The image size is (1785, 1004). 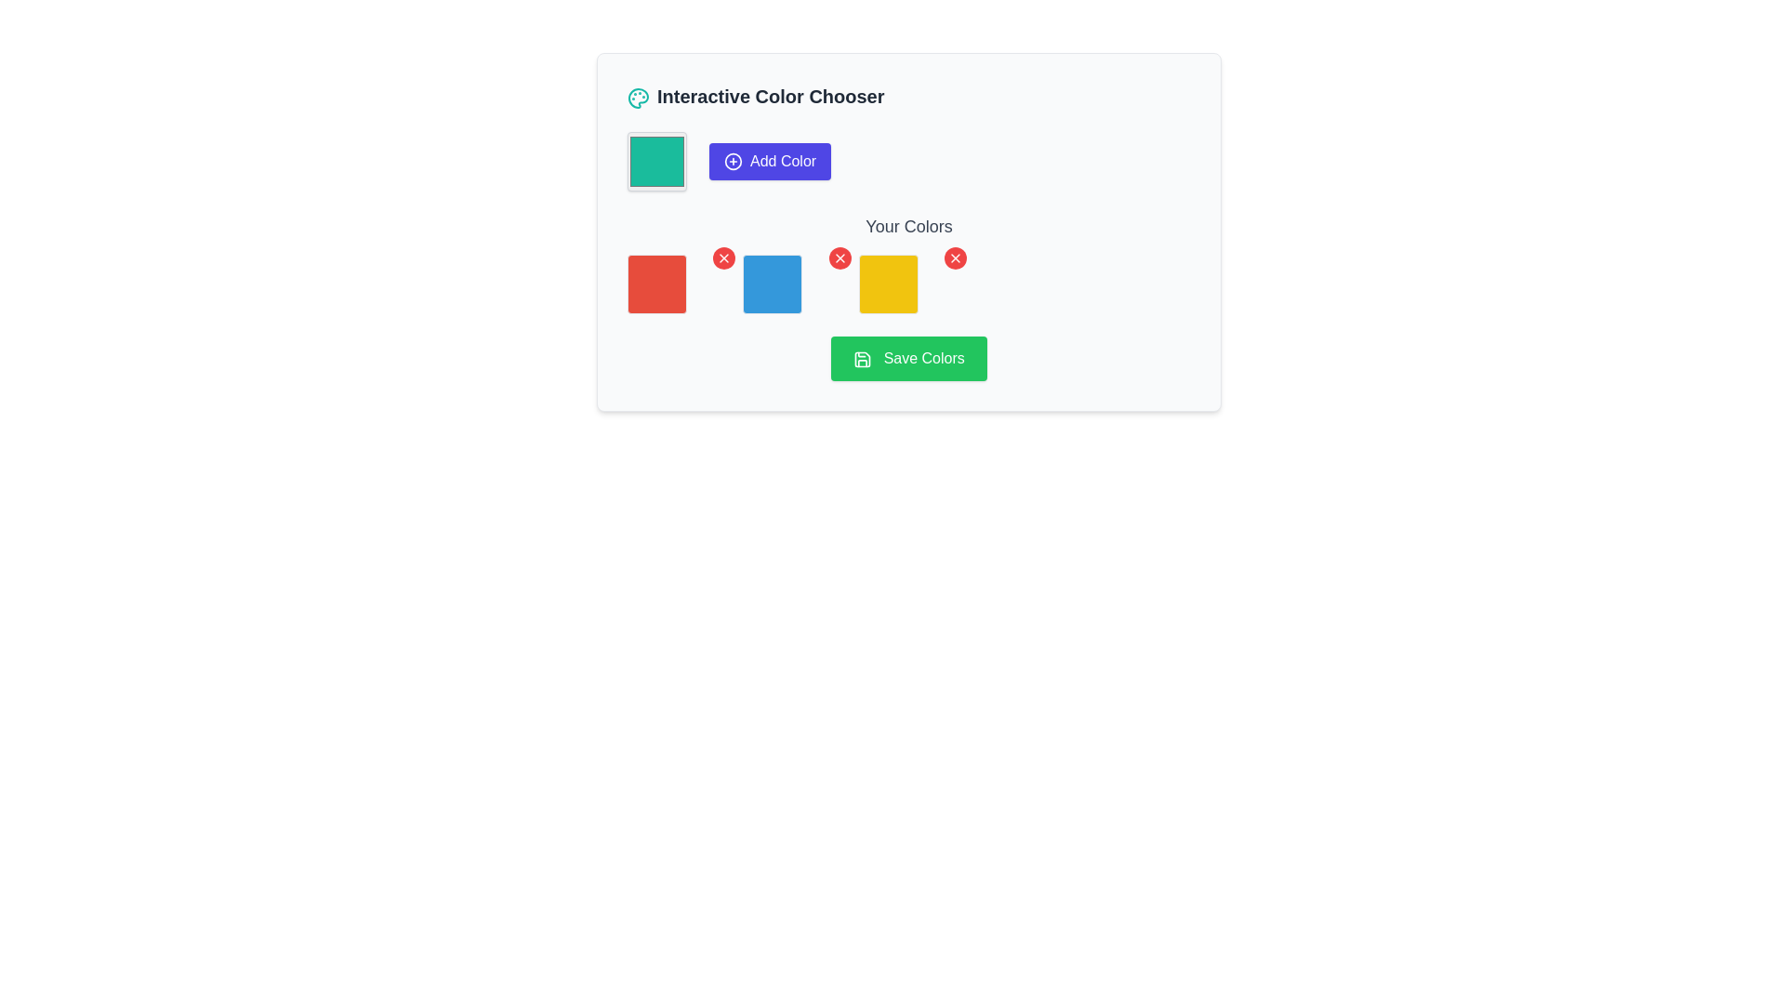 I want to click on the square color display located in the third position of the grid layout beneath the label 'Your Colors', so click(x=793, y=284).